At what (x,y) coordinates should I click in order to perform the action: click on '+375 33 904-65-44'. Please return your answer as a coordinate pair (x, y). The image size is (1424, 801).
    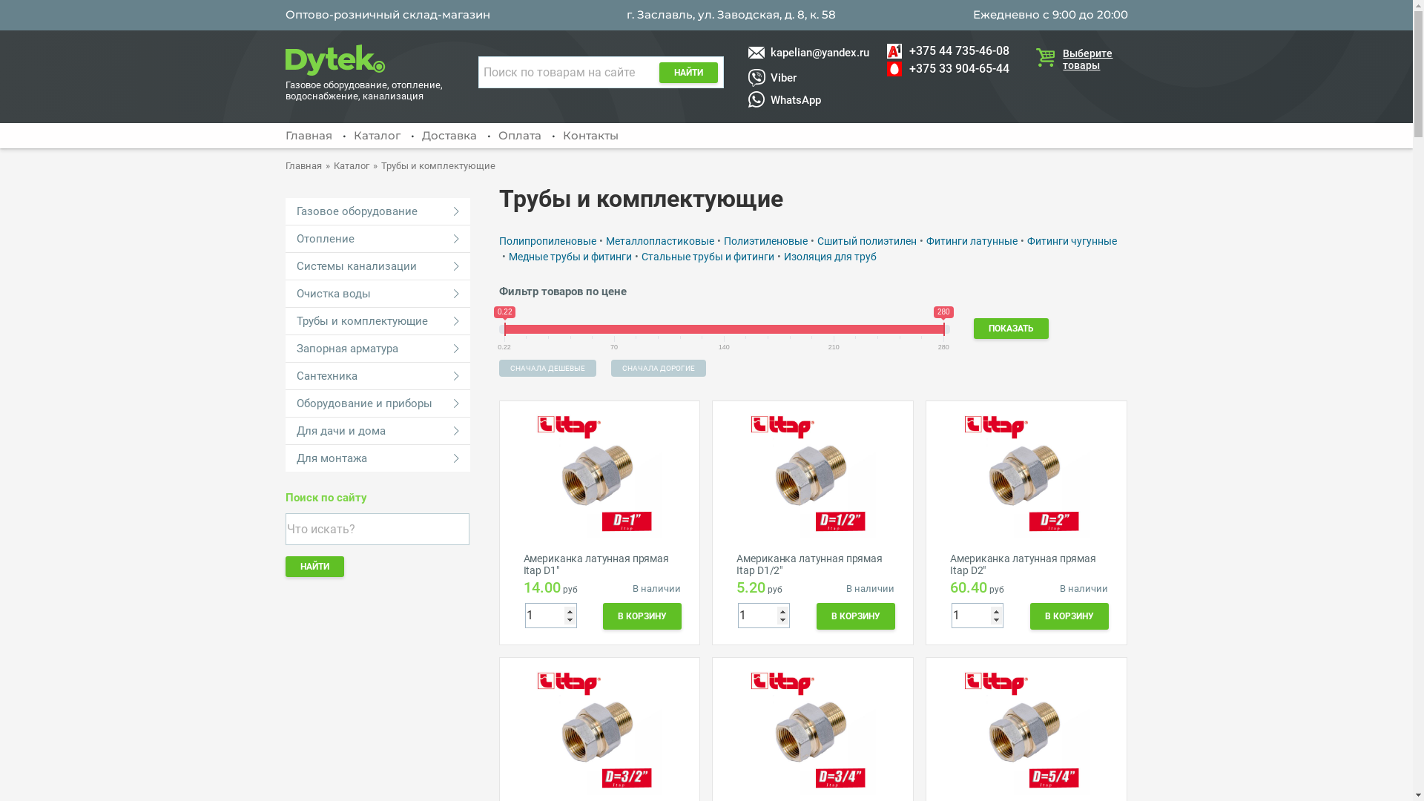
    Looking at the image, I should click on (886, 68).